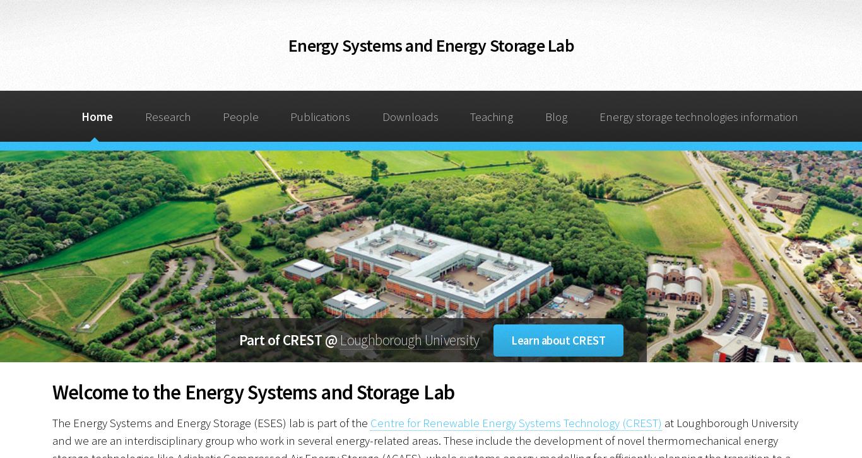 The width and height of the screenshot is (862, 458). I want to click on 'Centre for Renewable Energy Systems Technology (CREST)', so click(515, 421).